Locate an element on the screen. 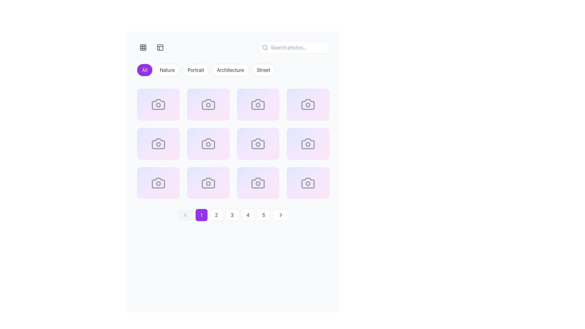 Image resolution: width=585 pixels, height=329 pixels. the 'share' icon located in the bottom-right corner of the grid item in the middle row and last column of the 4x3 grid layout for accessibility interactions is located at coordinates (311, 150).